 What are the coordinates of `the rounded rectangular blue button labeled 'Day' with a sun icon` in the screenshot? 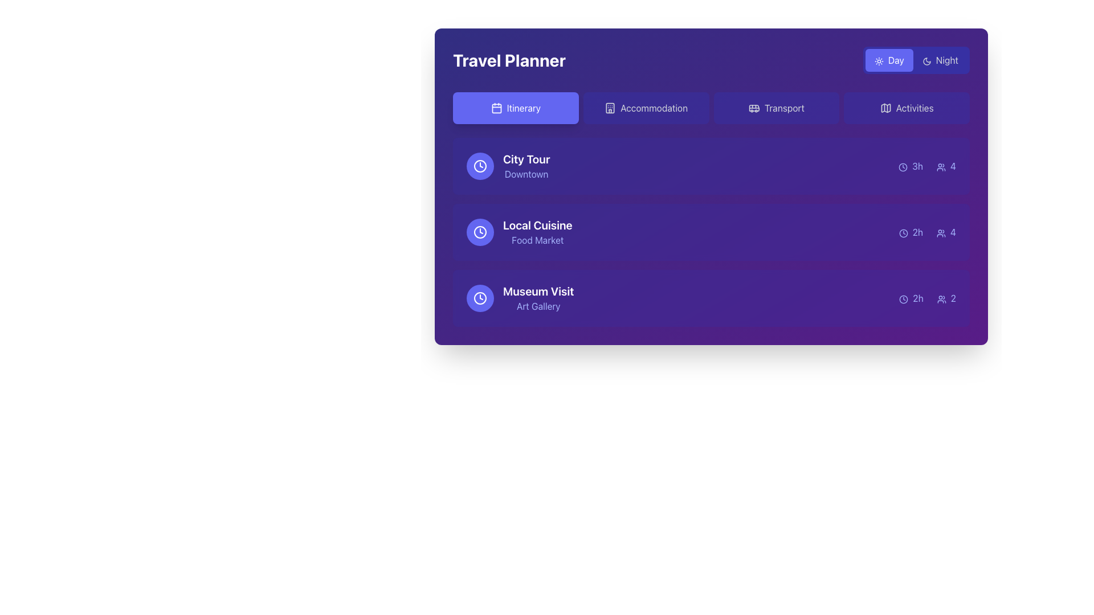 It's located at (888, 60).